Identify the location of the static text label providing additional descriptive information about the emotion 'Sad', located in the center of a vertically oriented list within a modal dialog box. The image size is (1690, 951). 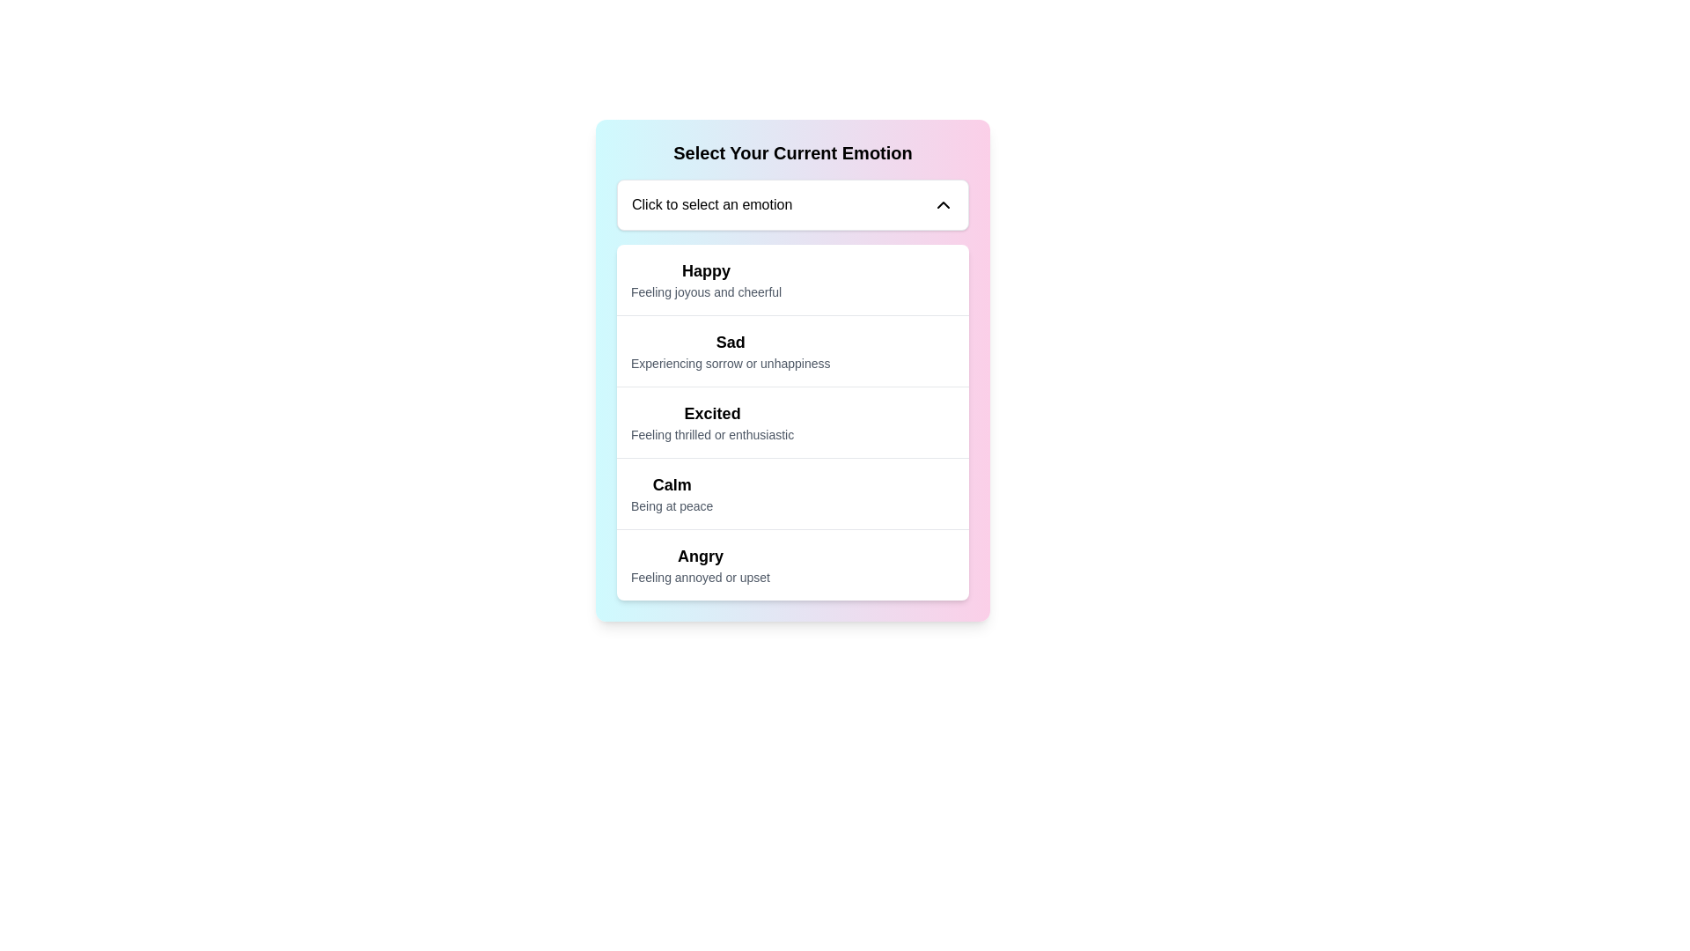
(731, 362).